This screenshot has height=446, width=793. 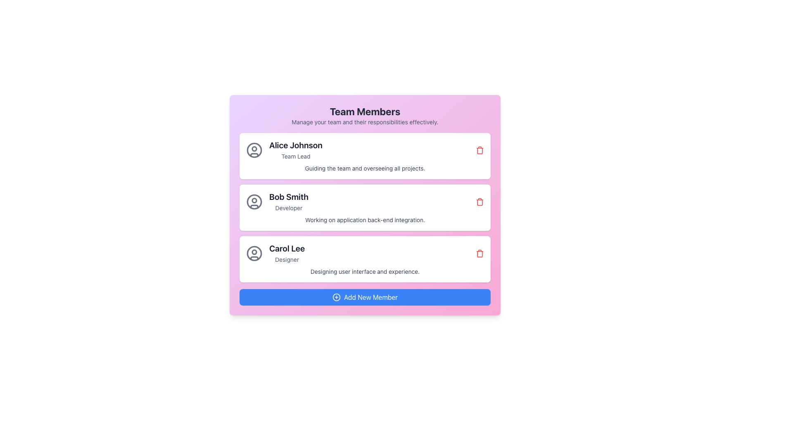 I want to click on the Static Text displaying 'Alice Johnson' and 'Team Lead', which is located in the first row of team members, slightly to the right of a user icon, so click(x=296, y=150).